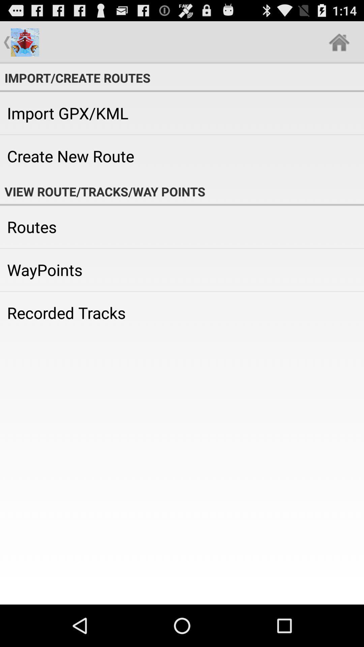 The image size is (364, 647). What do you see at coordinates (182, 156) in the screenshot?
I see `item below import gpx/kml` at bounding box center [182, 156].